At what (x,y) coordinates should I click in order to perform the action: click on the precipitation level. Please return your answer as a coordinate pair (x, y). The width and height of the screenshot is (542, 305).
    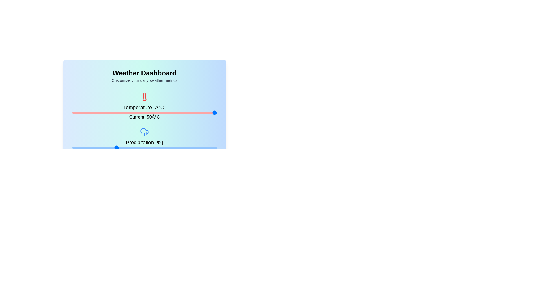
    Looking at the image, I should click on (179, 147).